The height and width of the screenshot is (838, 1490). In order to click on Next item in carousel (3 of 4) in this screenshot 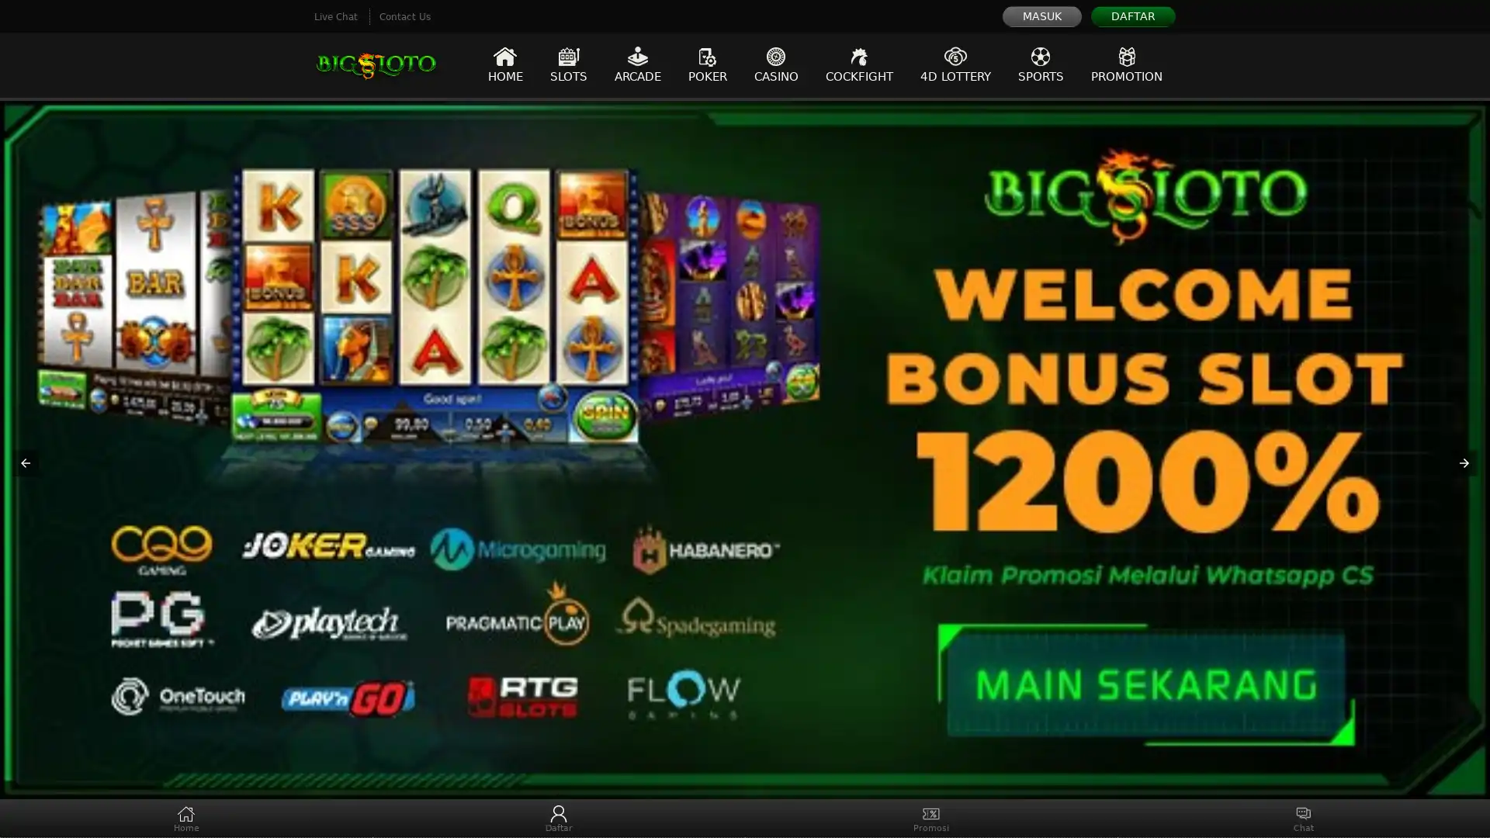, I will do `click(1463, 462)`.